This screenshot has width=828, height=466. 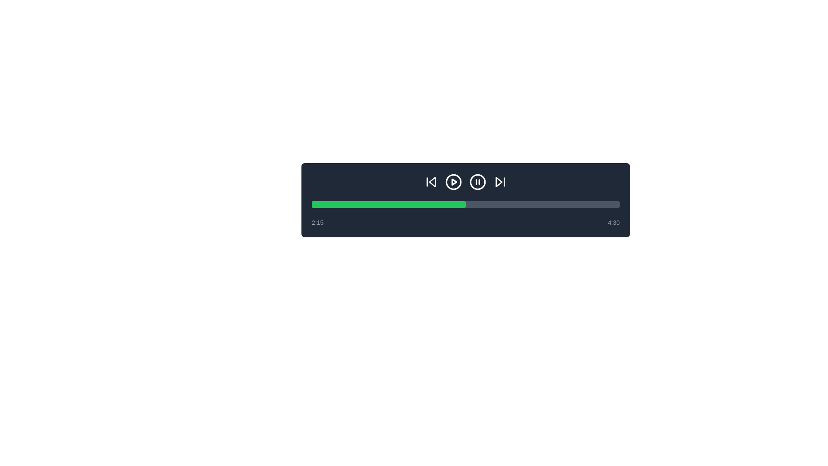 I want to click on the center of the circular pause button icon, which is indicated by a white stroke on a dark background, so click(x=477, y=181).